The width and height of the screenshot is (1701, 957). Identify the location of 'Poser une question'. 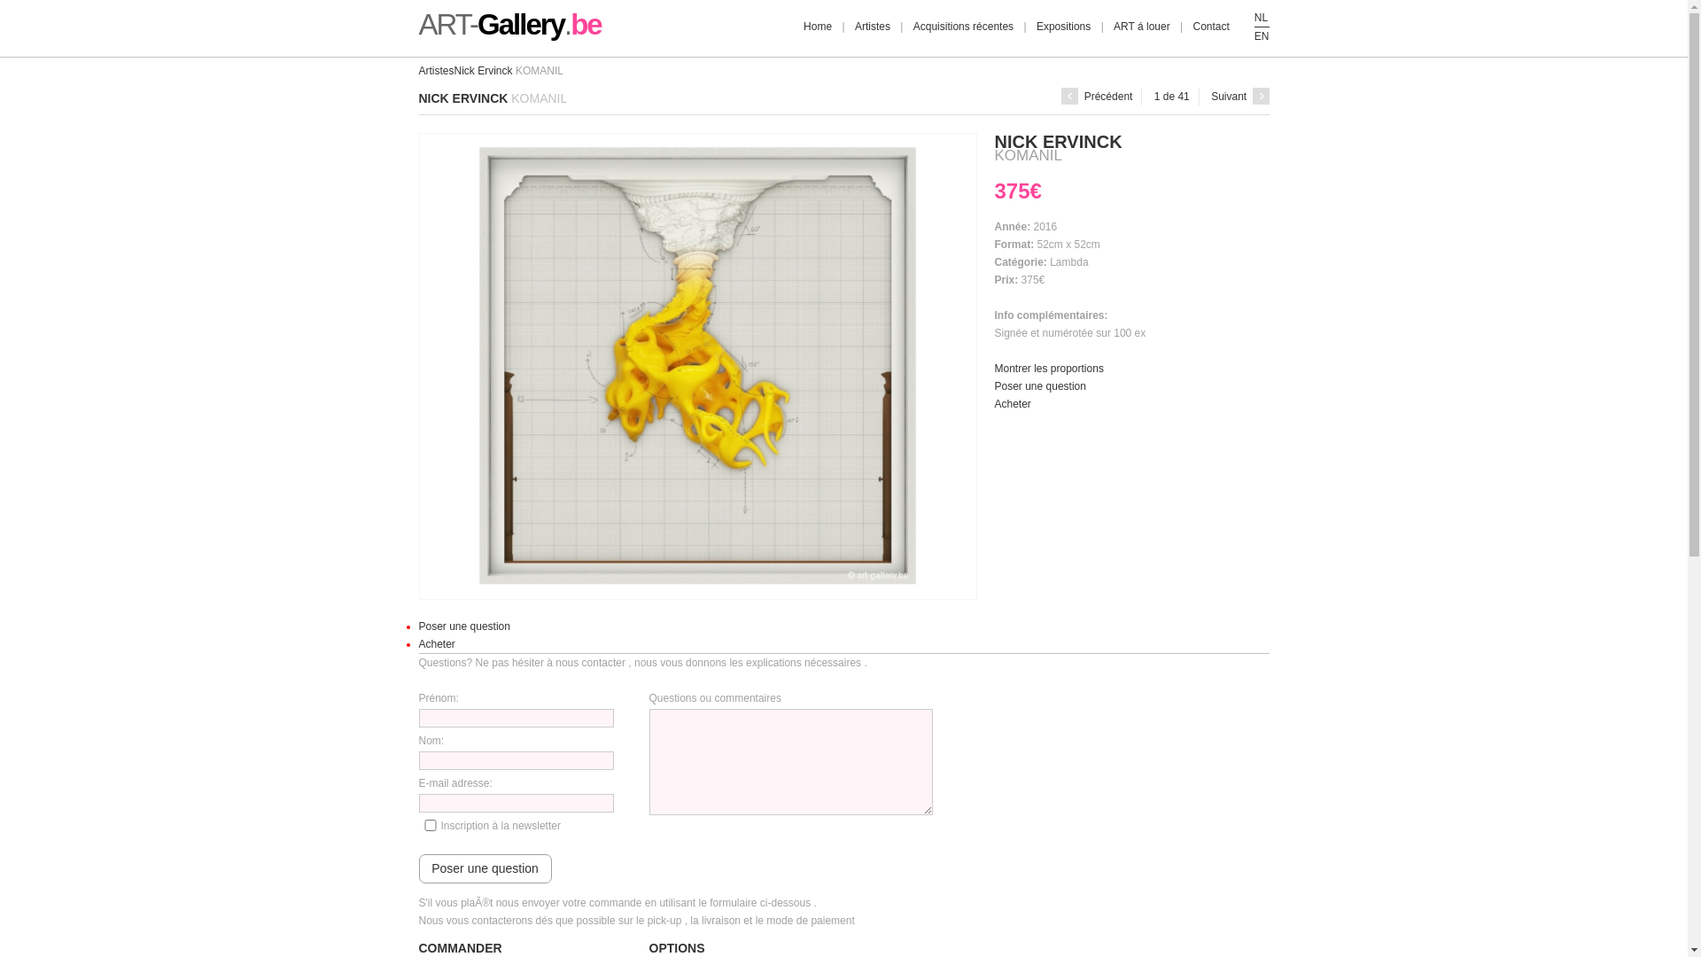
(1039, 385).